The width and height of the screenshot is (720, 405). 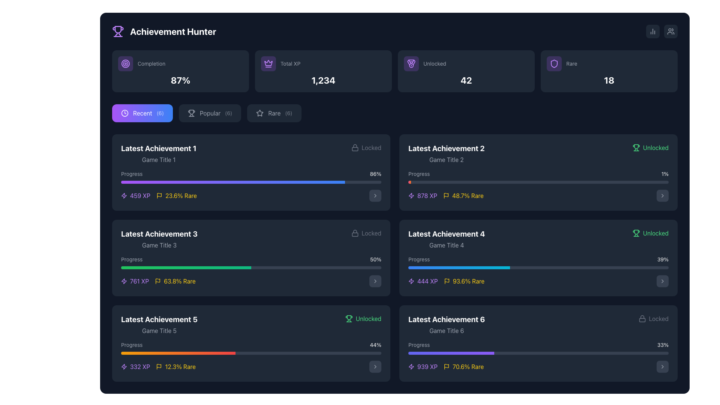 What do you see at coordinates (159, 239) in the screenshot?
I see `the text block displaying 'Latest Achievement 3' which contains 'Game Title 3' in a smaller gray font, located in the middle left section of the interface` at bounding box center [159, 239].